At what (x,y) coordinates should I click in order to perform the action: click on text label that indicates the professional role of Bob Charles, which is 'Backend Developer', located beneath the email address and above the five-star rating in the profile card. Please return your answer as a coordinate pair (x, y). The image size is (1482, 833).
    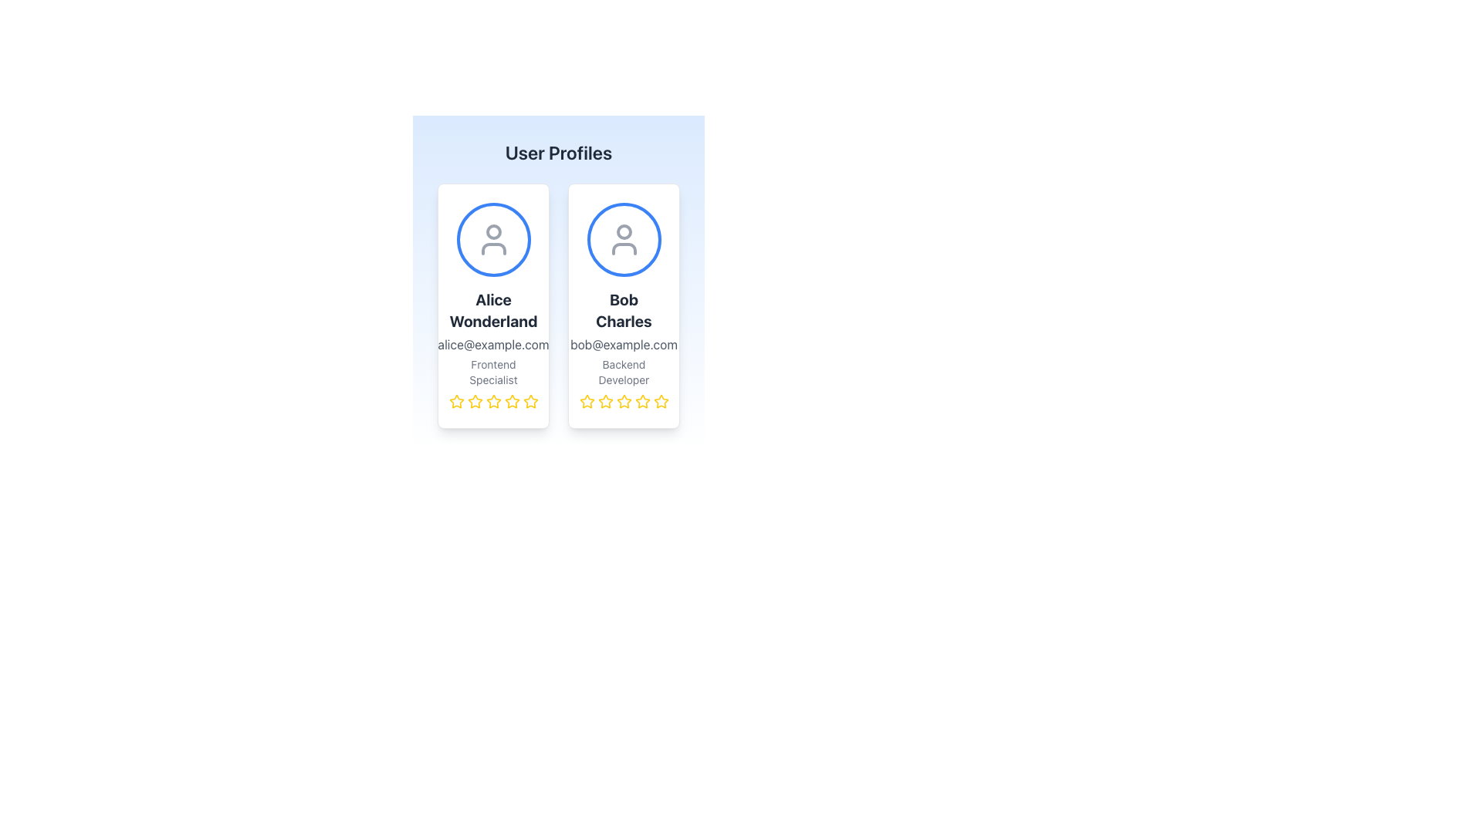
    Looking at the image, I should click on (624, 372).